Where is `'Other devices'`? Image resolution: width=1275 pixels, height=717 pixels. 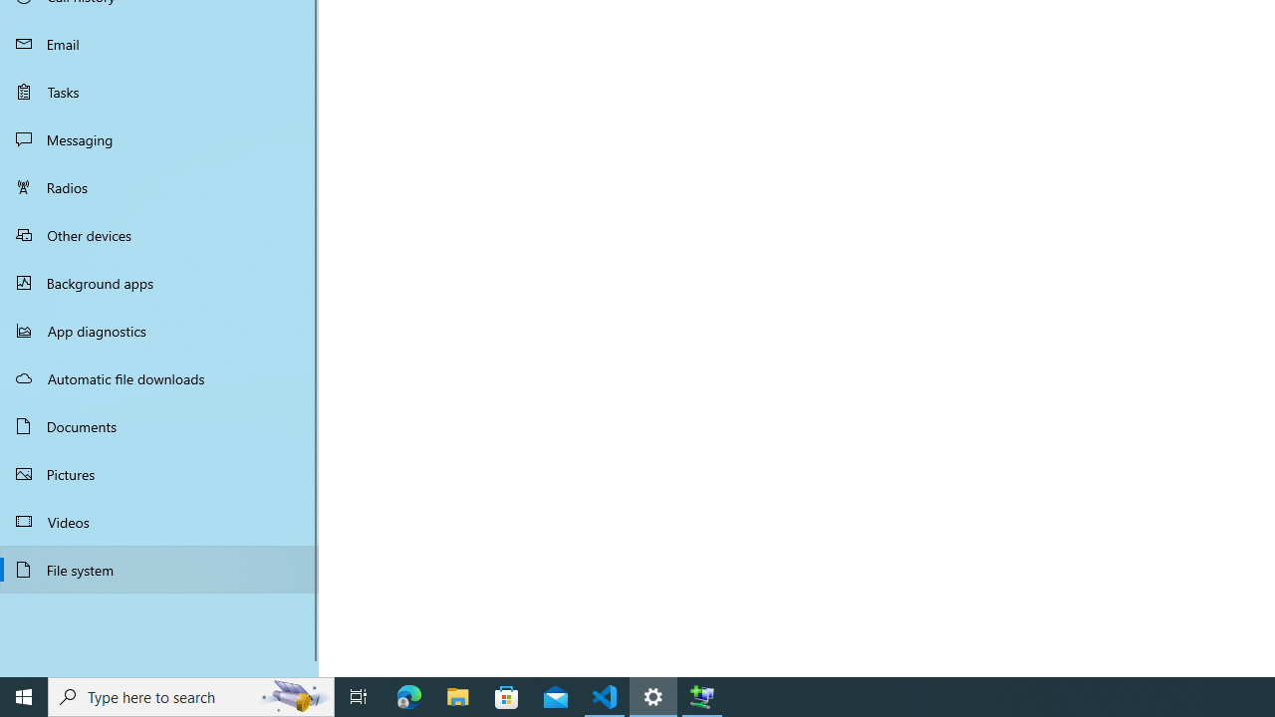 'Other devices' is located at coordinates (159, 233).